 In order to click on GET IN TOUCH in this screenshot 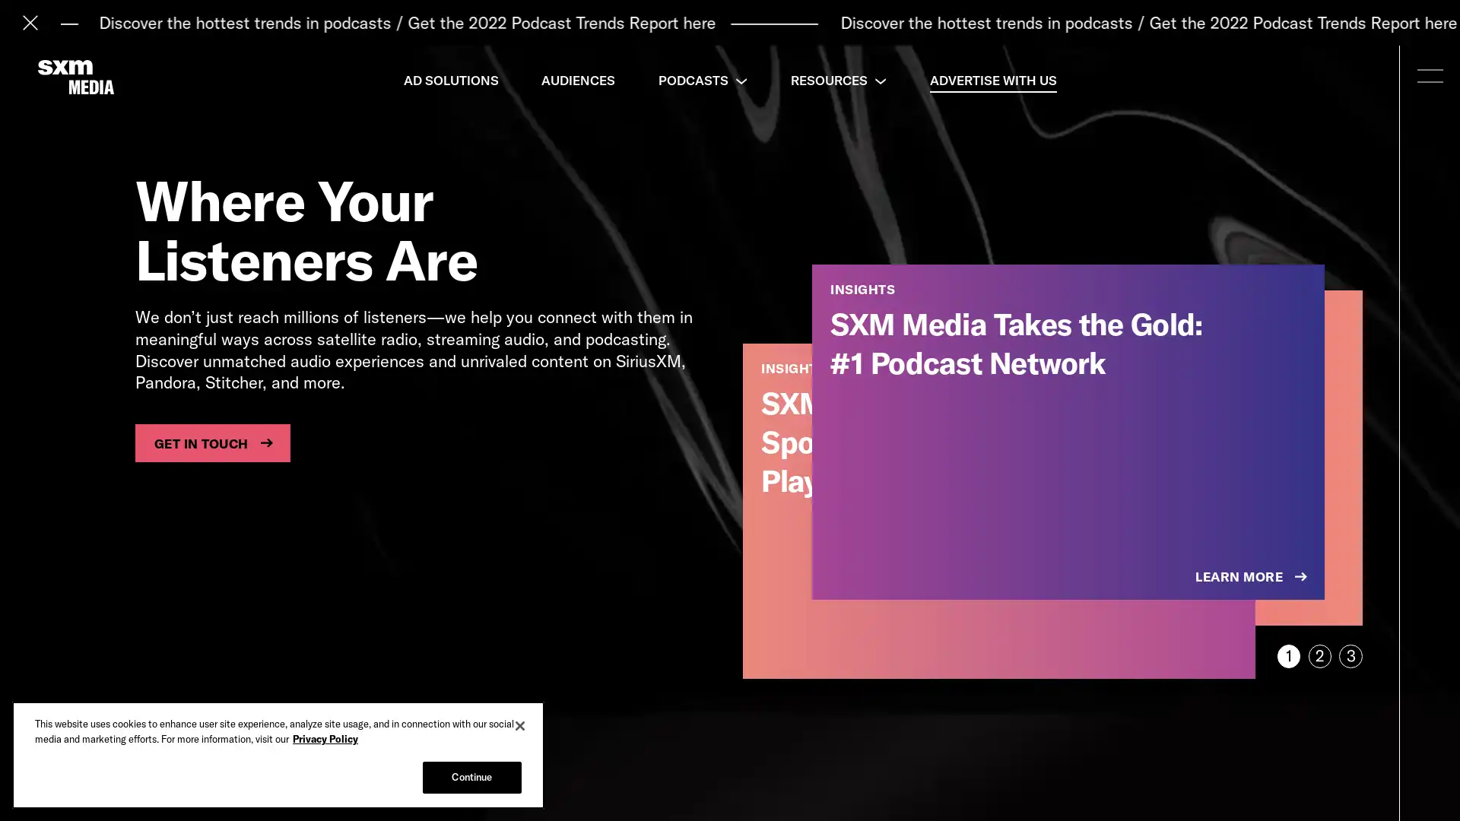, I will do `click(211, 442)`.